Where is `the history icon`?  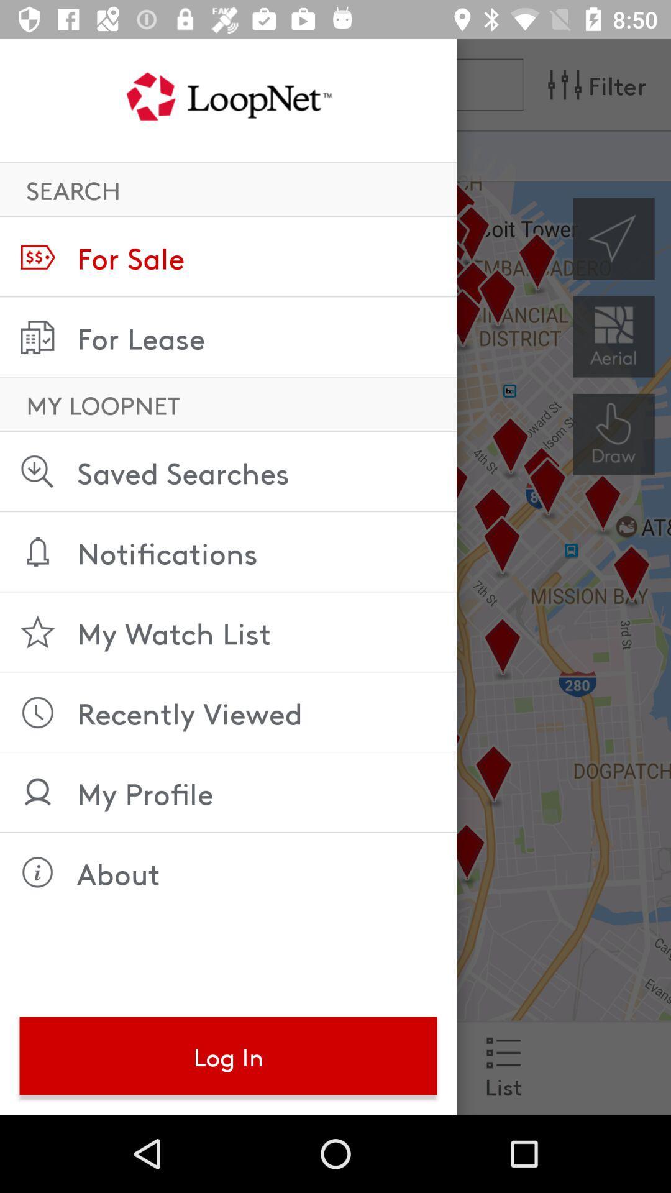 the history icon is located at coordinates (613, 434).